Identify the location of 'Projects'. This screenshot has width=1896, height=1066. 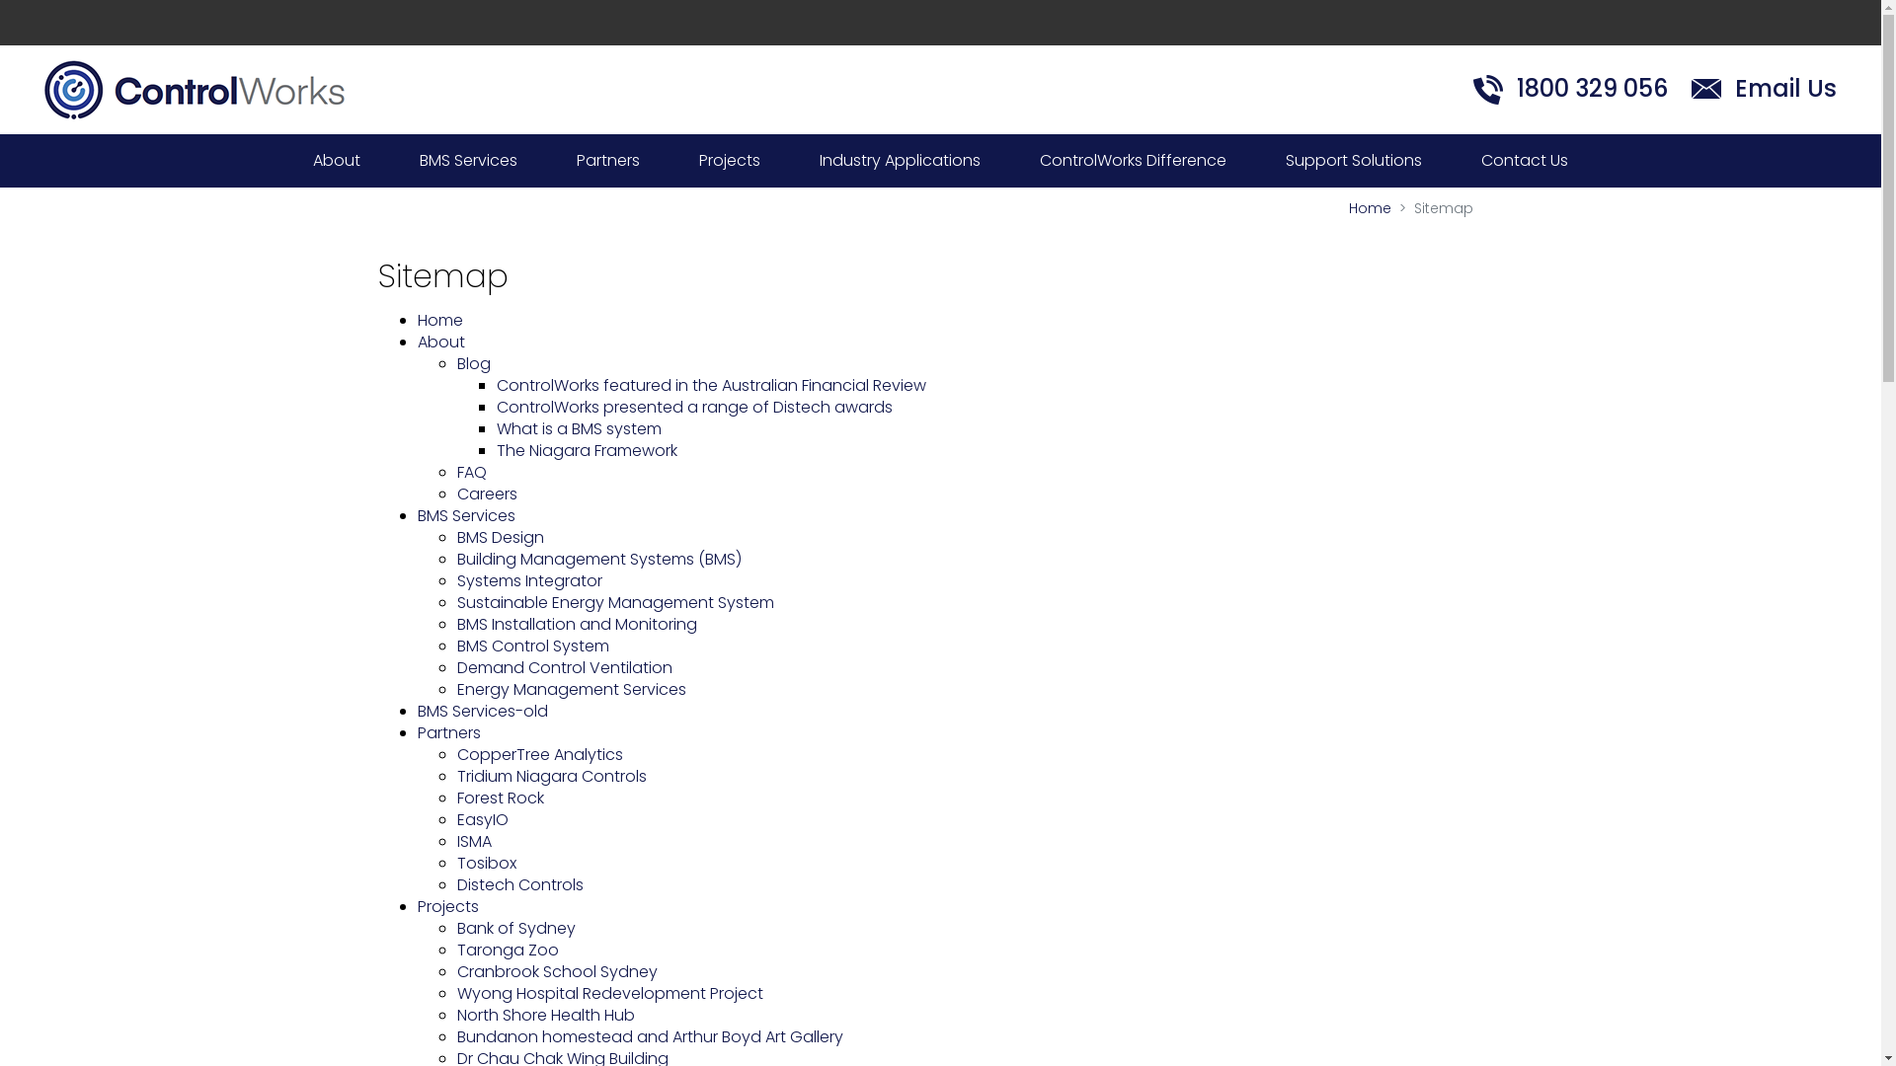
(445, 906).